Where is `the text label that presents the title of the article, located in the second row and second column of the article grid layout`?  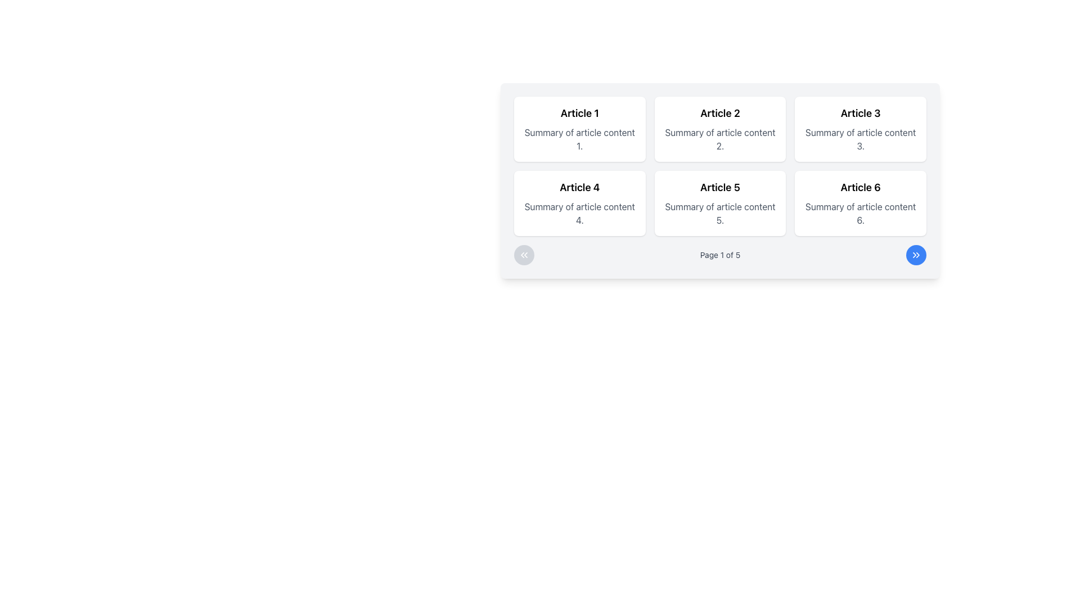
the text label that presents the title of the article, located in the second row and second column of the article grid layout is located at coordinates (720, 187).